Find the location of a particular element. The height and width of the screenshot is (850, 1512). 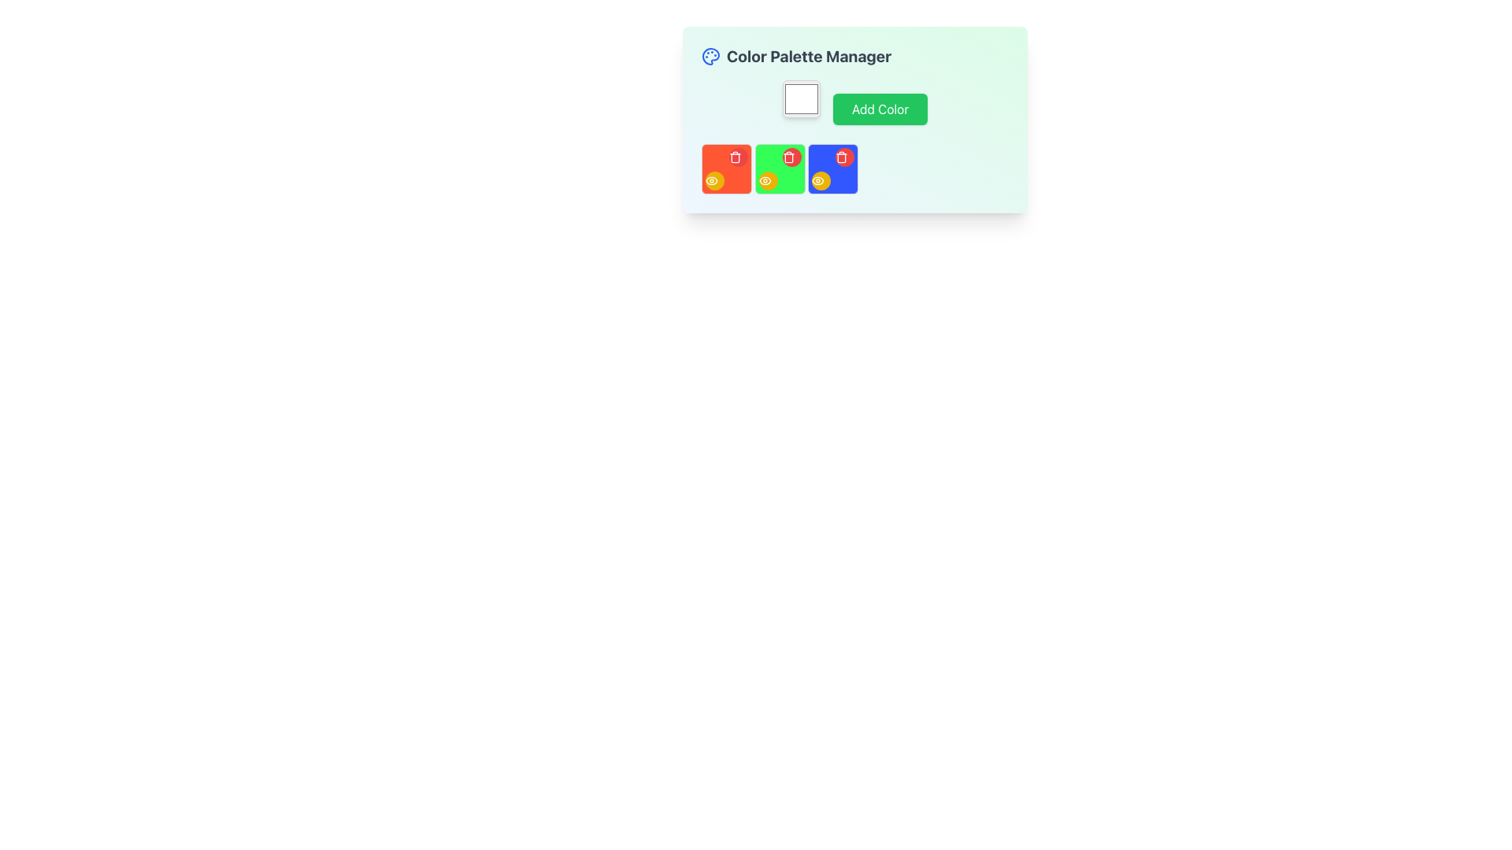

the central body of the trash can icon, which is a rounded rectangular vector graphic with flat edges, located top-central in the UI below the 'Add Color' button is located at coordinates (735, 157).